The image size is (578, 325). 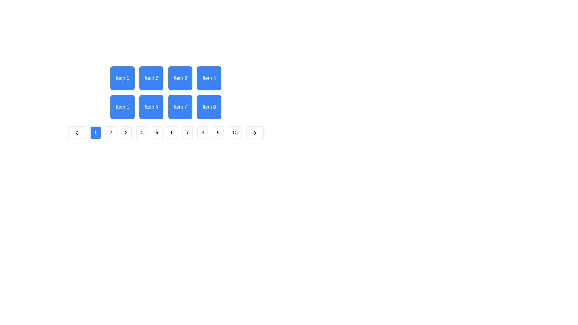 I want to click on the static tile with a bright blue background and white text displaying 'Item 1', located at the top-left position of the grid layout, so click(x=122, y=78).